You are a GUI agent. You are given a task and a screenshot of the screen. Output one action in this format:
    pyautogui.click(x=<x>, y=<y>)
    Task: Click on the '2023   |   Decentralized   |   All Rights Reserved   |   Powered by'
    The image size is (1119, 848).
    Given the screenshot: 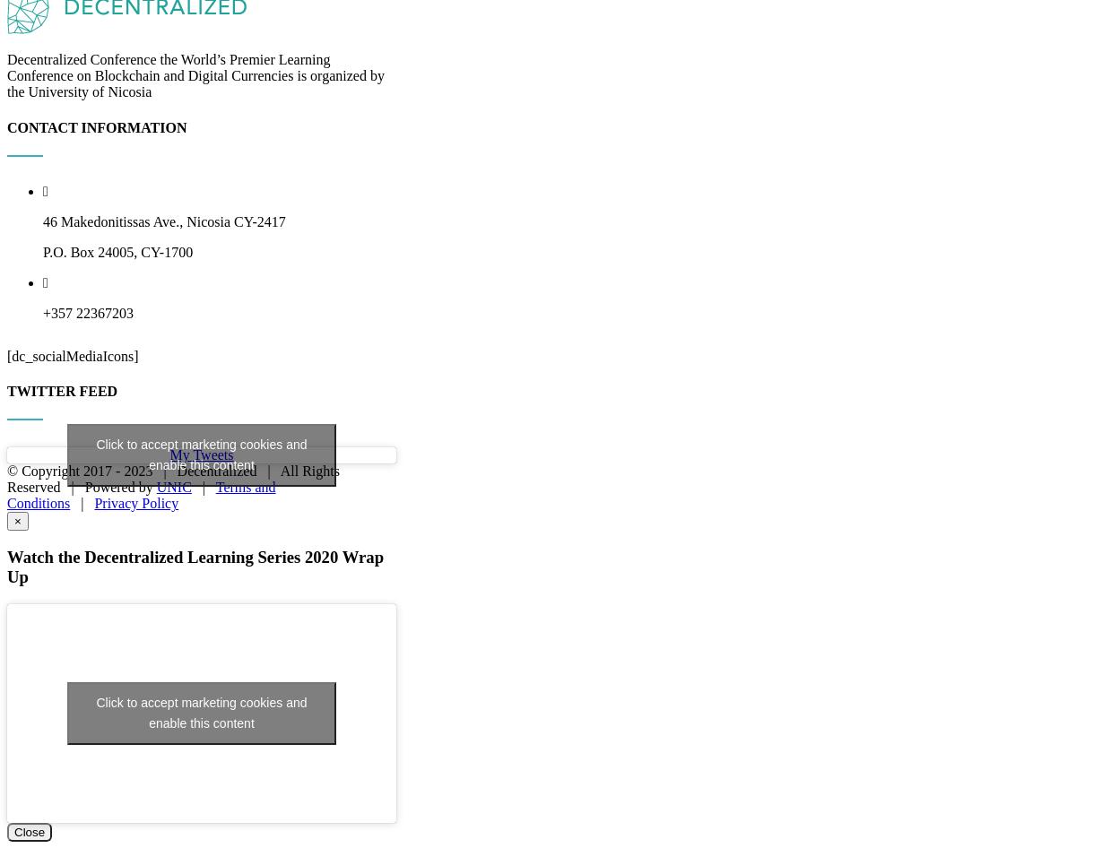 What is the action you would take?
    pyautogui.click(x=171, y=658)
    